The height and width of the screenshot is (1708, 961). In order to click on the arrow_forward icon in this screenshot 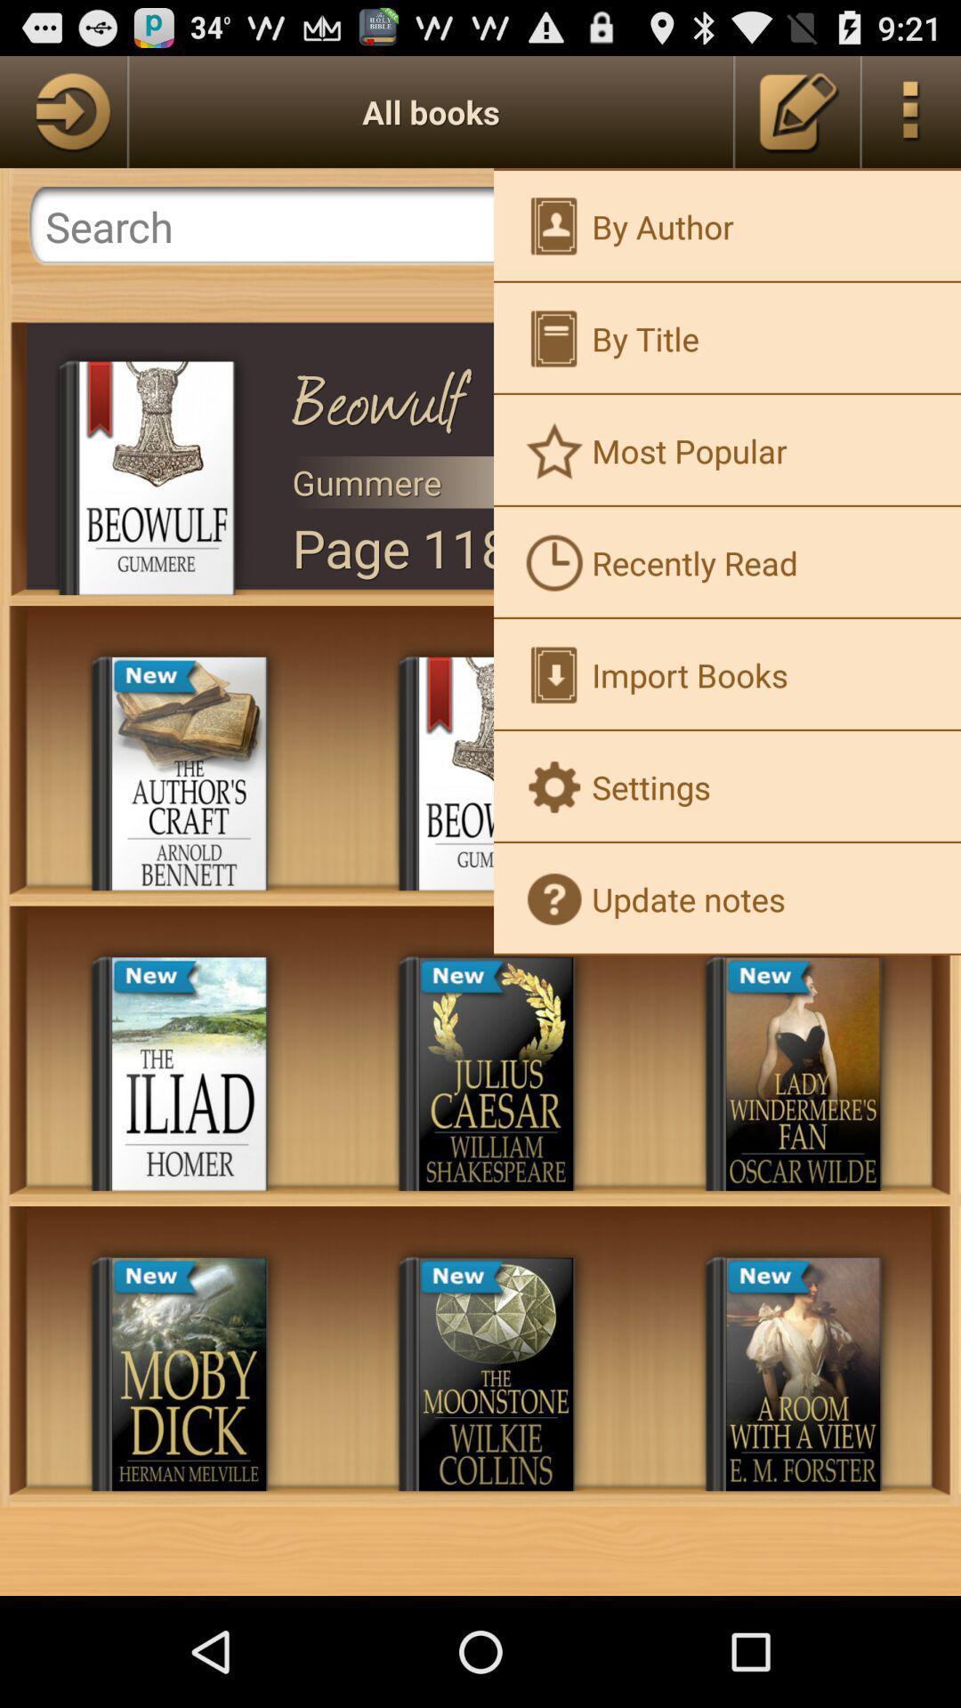, I will do `click(62, 118)`.